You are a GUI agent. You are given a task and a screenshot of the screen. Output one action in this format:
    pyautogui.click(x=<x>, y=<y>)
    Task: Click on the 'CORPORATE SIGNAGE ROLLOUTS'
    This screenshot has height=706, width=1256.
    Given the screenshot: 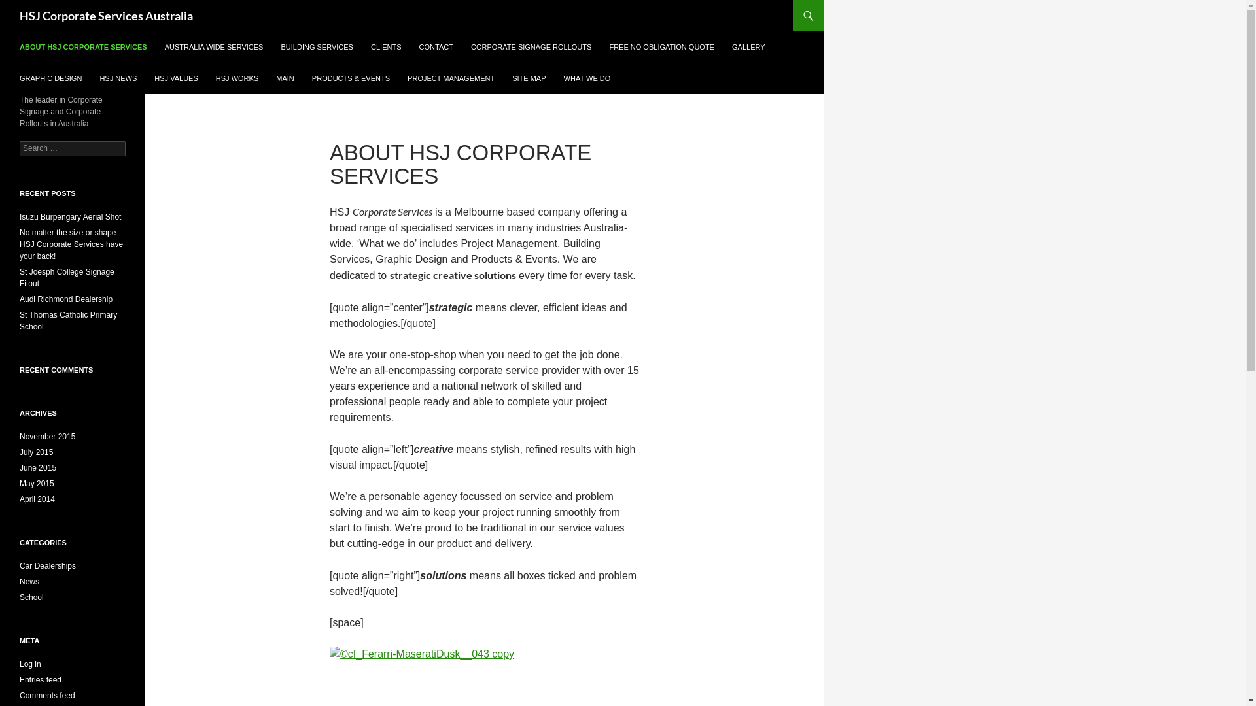 What is the action you would take?
    pyautogui.click(x=531, y=46)
    